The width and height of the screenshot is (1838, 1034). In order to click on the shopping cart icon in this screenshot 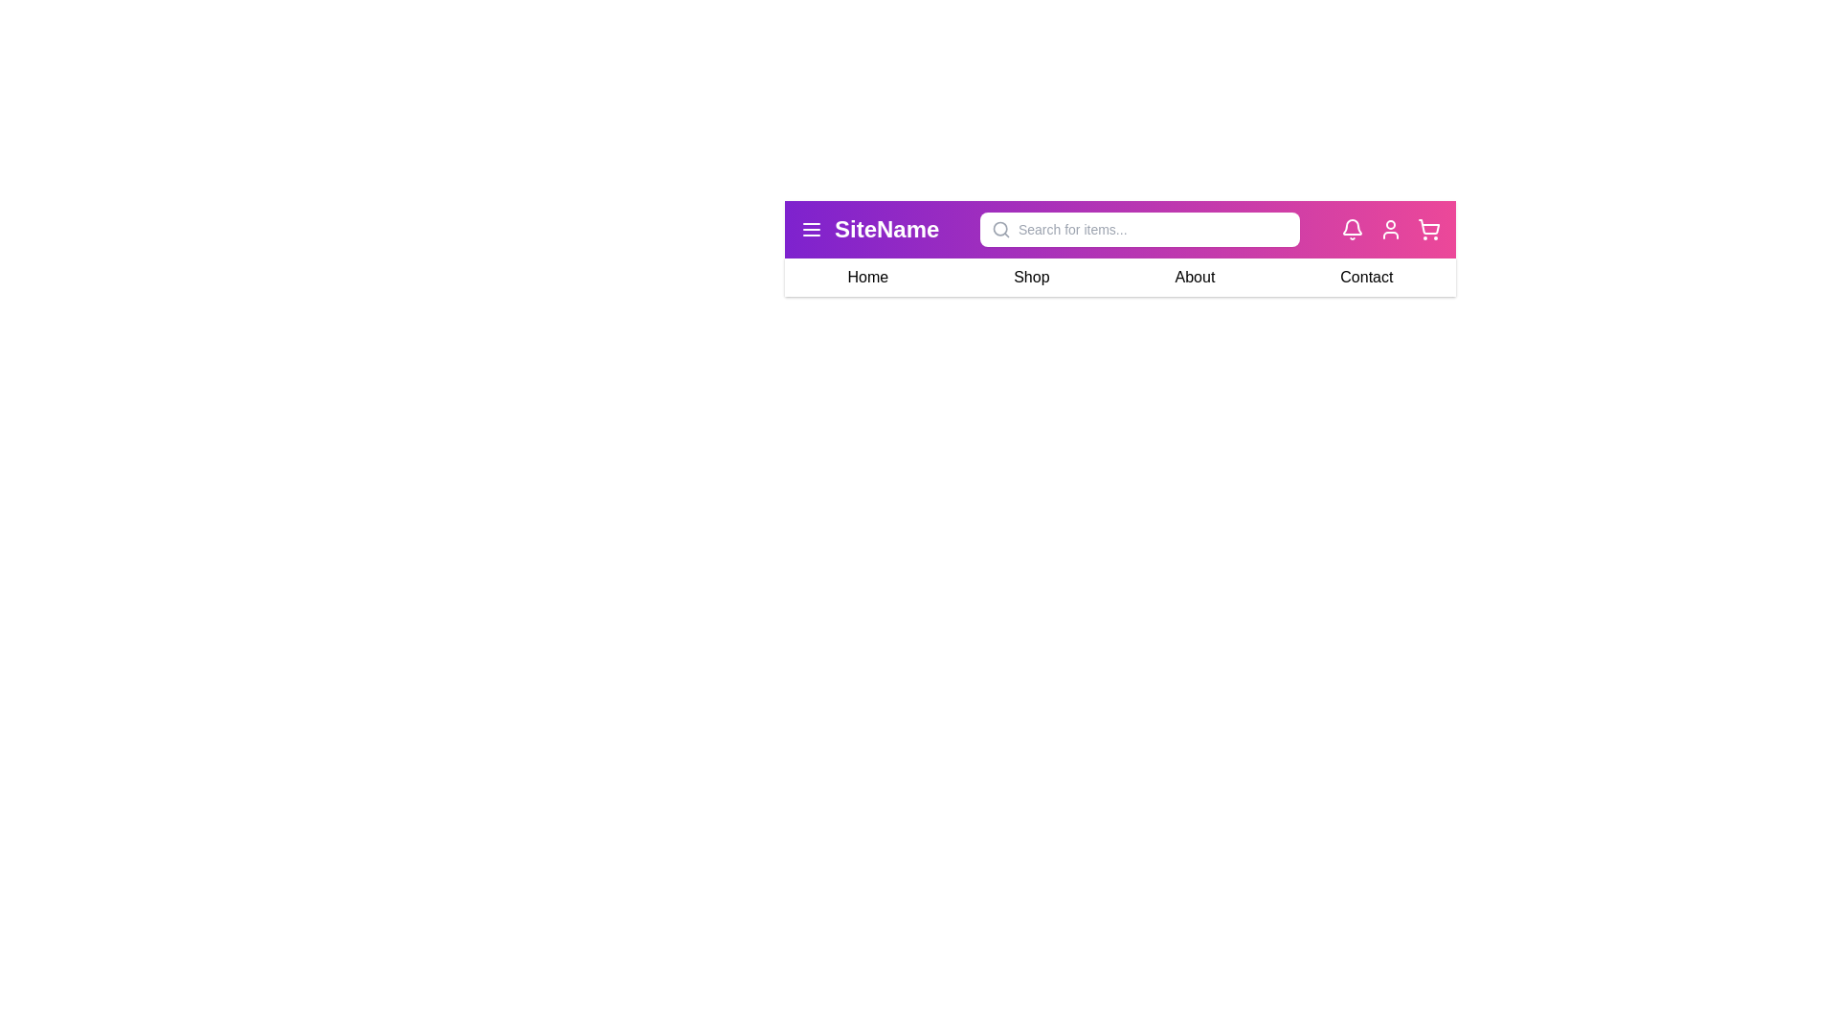, I will do `click(1428, 228)`.